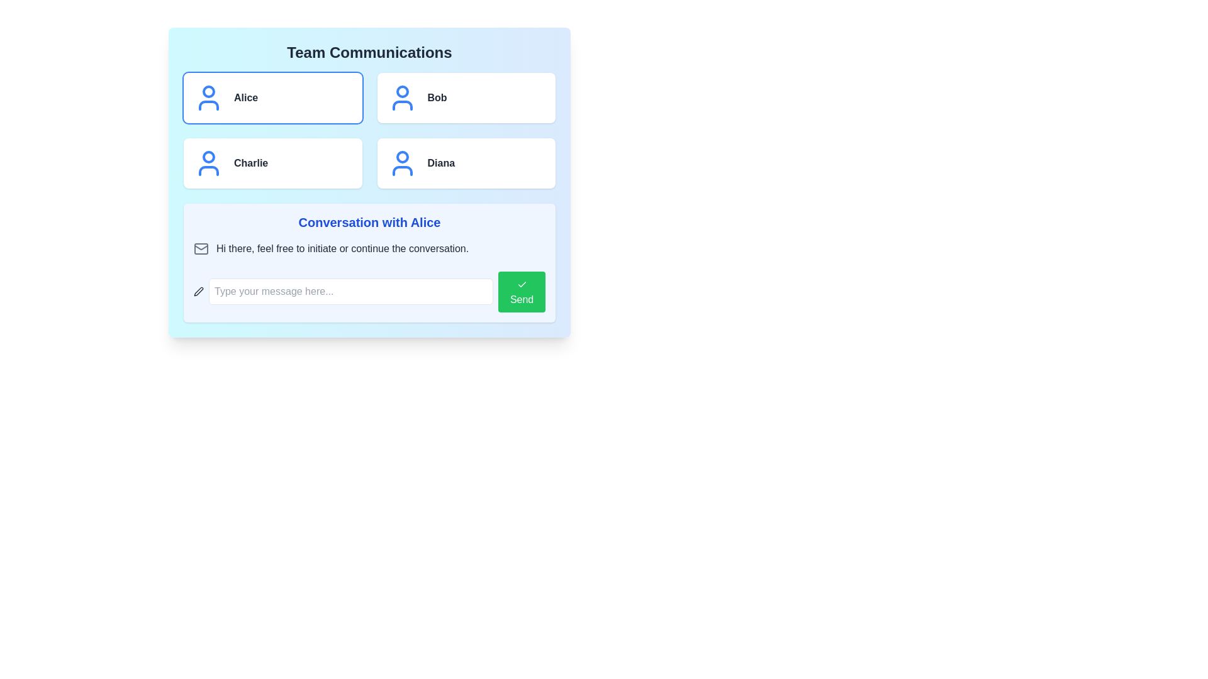  What do you see at coordinates (208, 157) in the screenshot?
I see `the decorative circular element representing Charlie's user avatar located in the lower-left corner of the grid` at bounding box center [208, 157].